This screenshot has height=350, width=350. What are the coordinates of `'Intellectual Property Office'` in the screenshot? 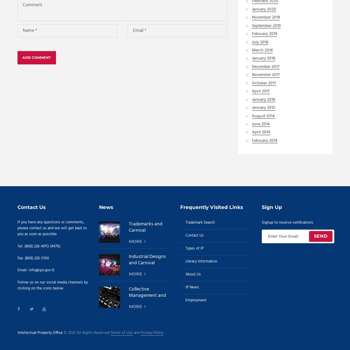 It's located at (40, 332).